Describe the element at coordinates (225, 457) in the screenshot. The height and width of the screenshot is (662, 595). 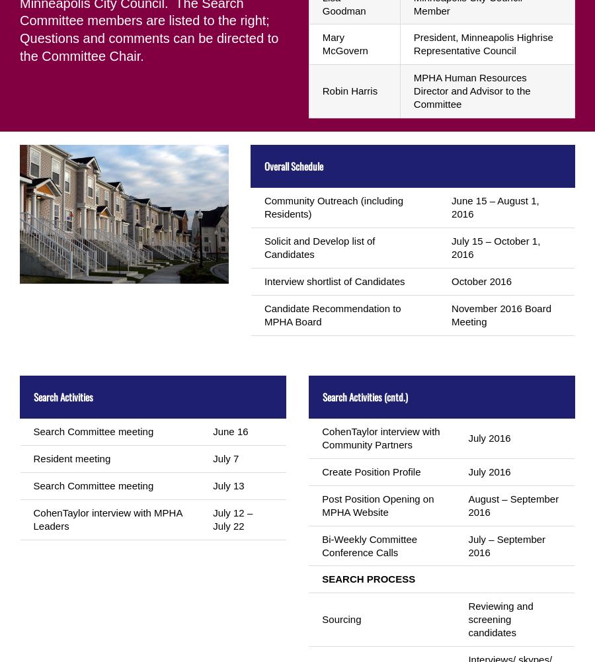
I see `'July 7'` at that location.